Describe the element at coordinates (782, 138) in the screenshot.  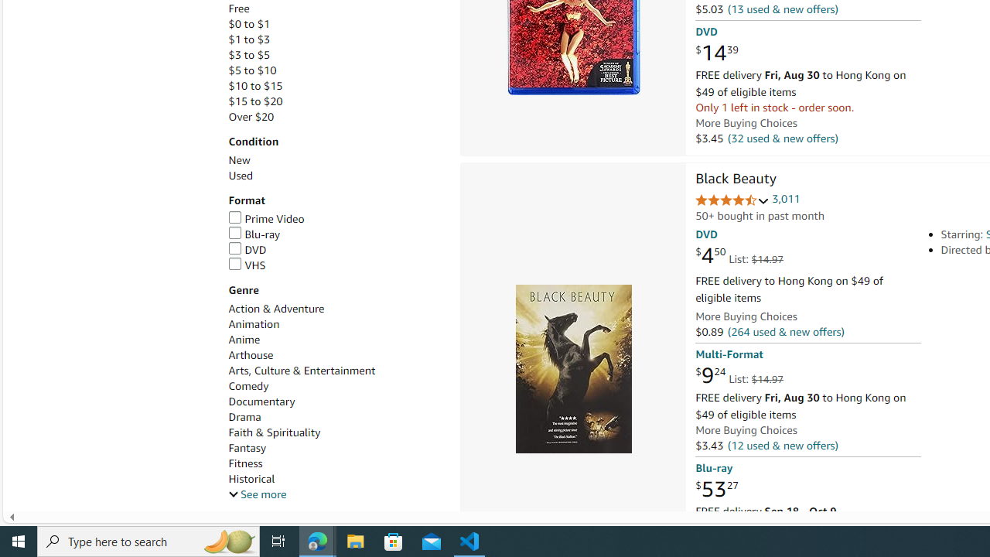
I see `'(32 used & new offers)'` at that location.